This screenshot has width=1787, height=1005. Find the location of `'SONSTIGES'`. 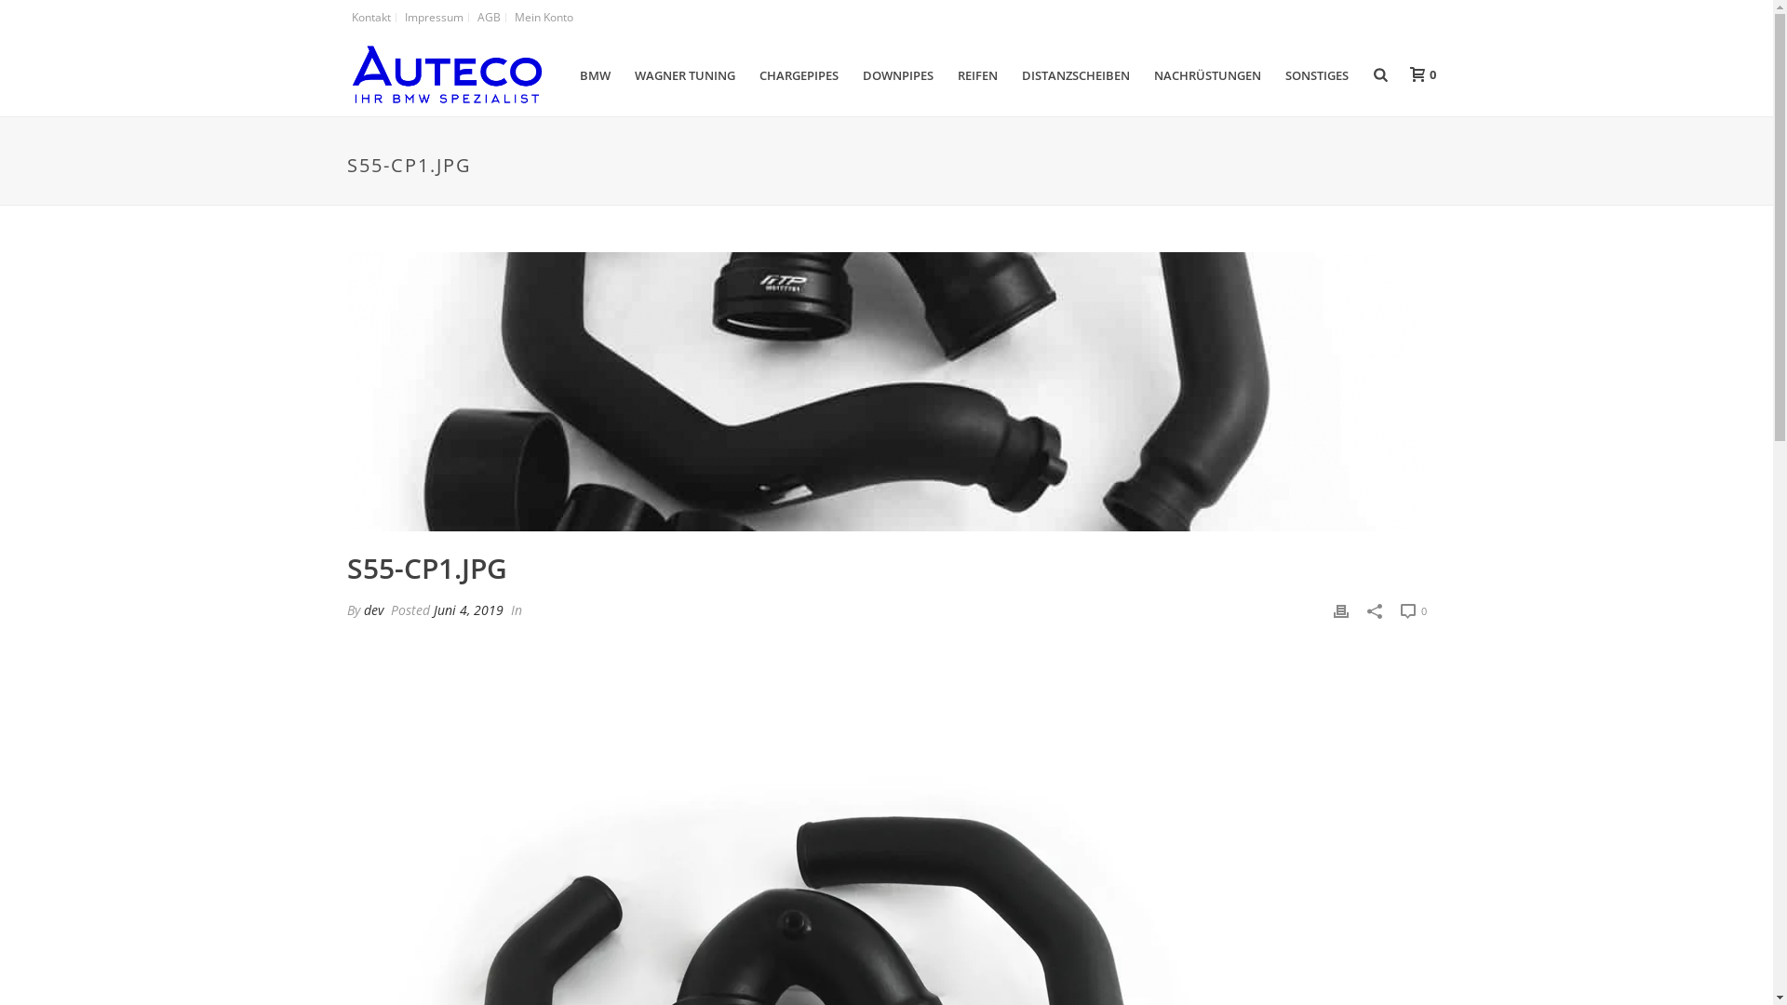

'SONSTIGES' is located at coordinates (1316, 74).